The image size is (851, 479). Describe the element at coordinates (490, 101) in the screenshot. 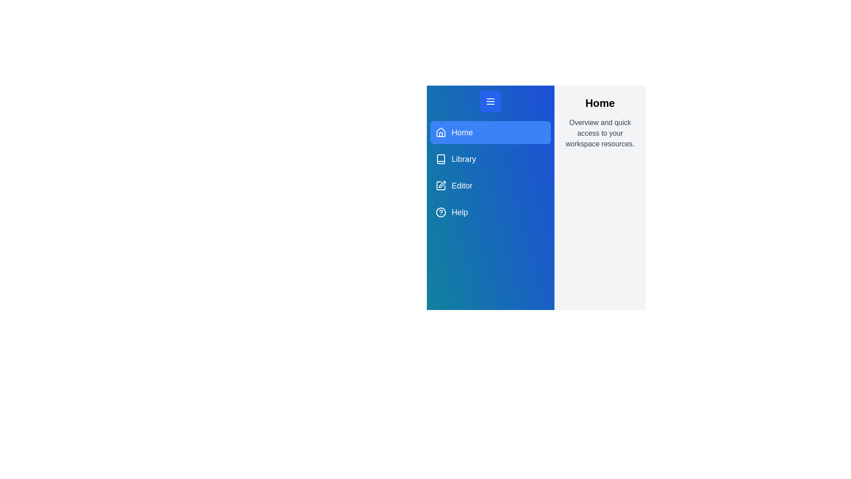

I see `the menu button to toggle the left drawer` at that location.